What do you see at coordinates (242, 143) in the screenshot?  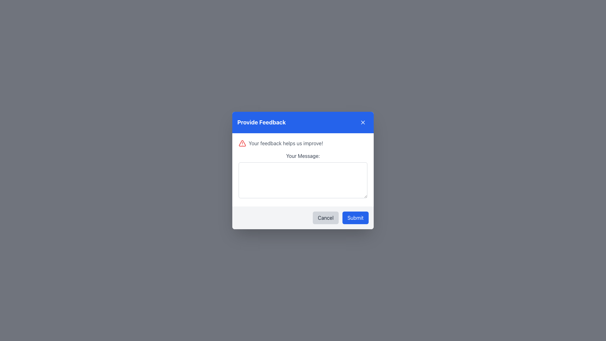 I see `the Alert icon located at the top-left of the modal dialog, positioned to the left of the text 'Your feedback helps us improve!'` at bounding box center [242, 143].